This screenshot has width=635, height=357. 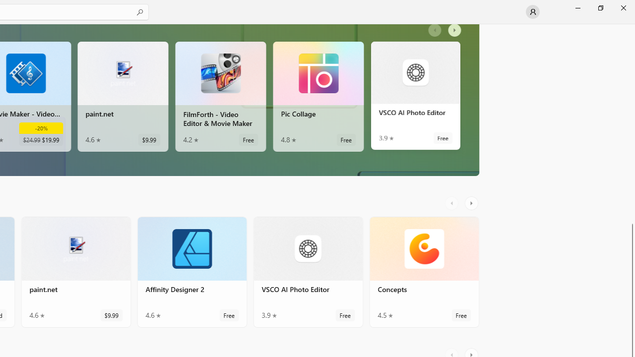 What do you see at coordinates (600, 7) in the screenshot?
I see `'Restore Microsoft Store'` at bounding box center [600, 7].